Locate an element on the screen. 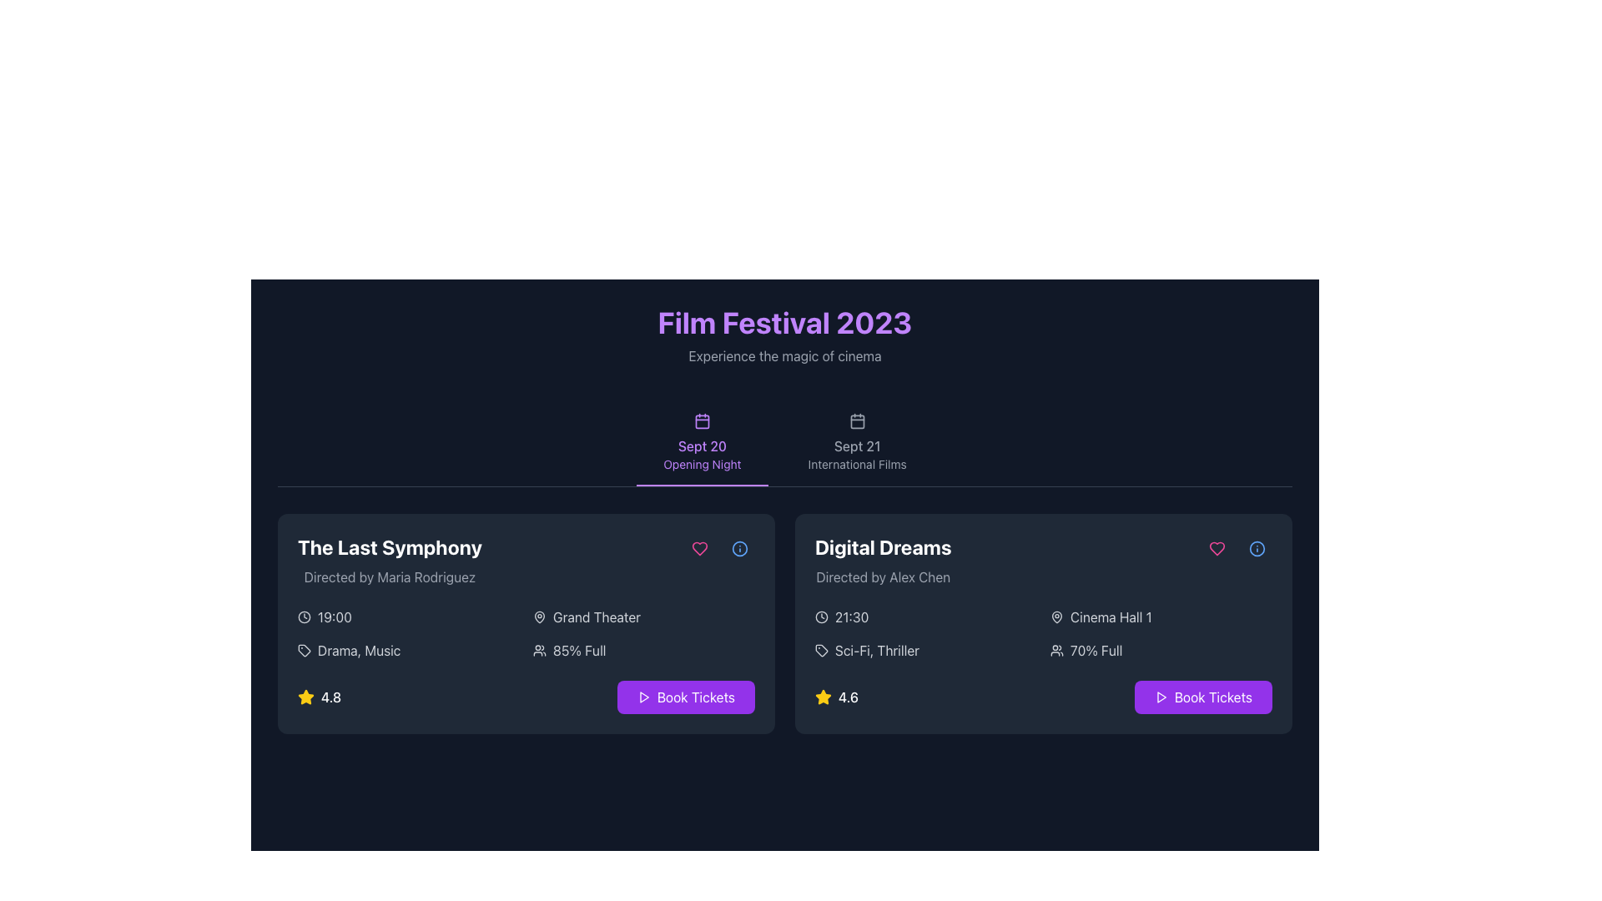  the static text label displaying the rating score for the 'Digital Dreams' event, located at the bottom right of the panel, next to the yellow star icon is located at coordinates (849, 697).